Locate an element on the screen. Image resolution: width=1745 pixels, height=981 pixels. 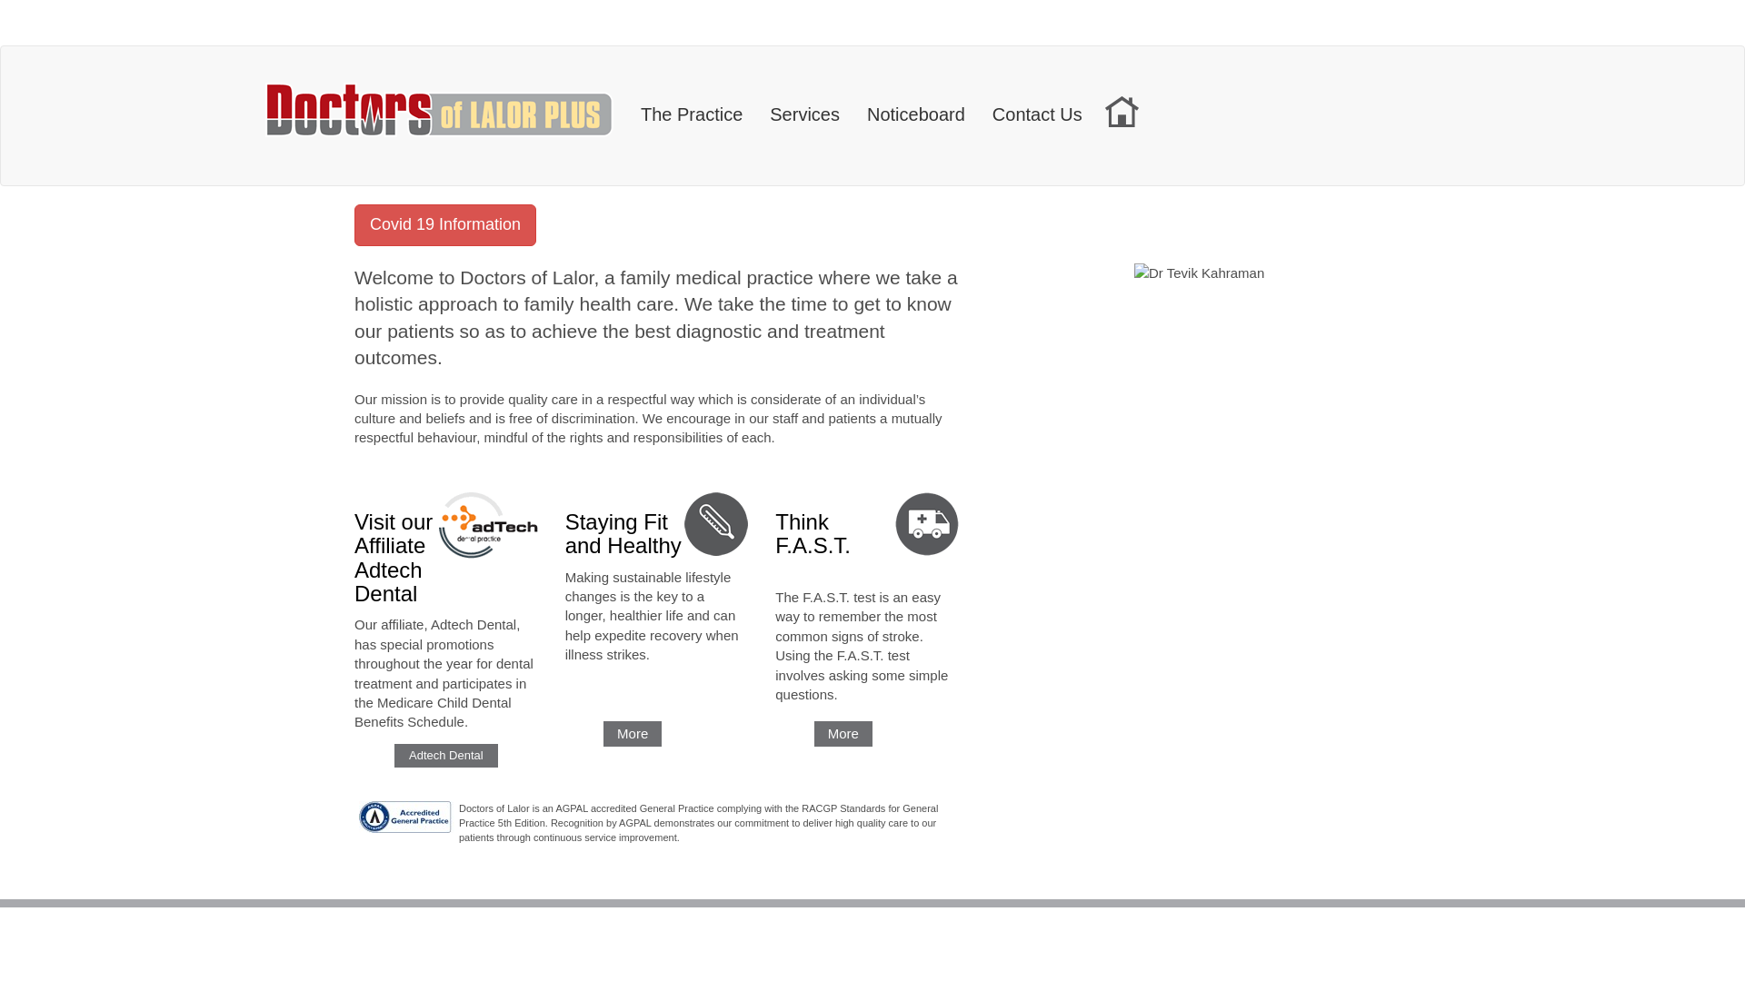
'Covid 19 Information' is located at coordinates (444, 232).